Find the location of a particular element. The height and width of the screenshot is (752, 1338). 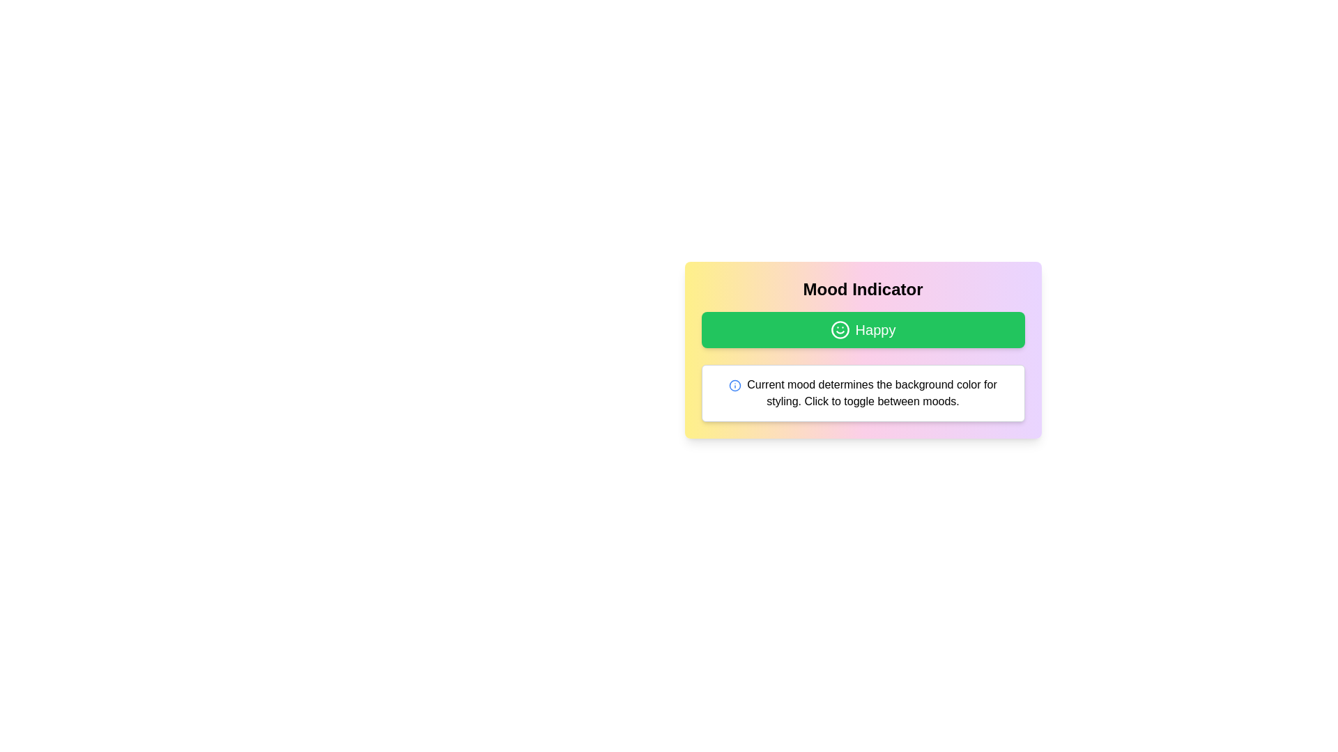

center of the green button labeled 'Happy' to toggle the mood is located at coordinates (862, 330).